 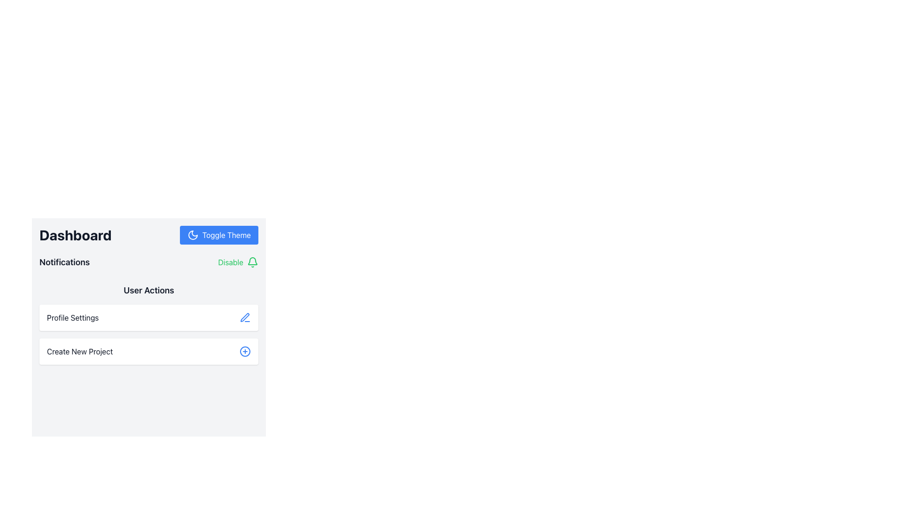 I want to click on keyboard navigation, so click(x=238, y=262).